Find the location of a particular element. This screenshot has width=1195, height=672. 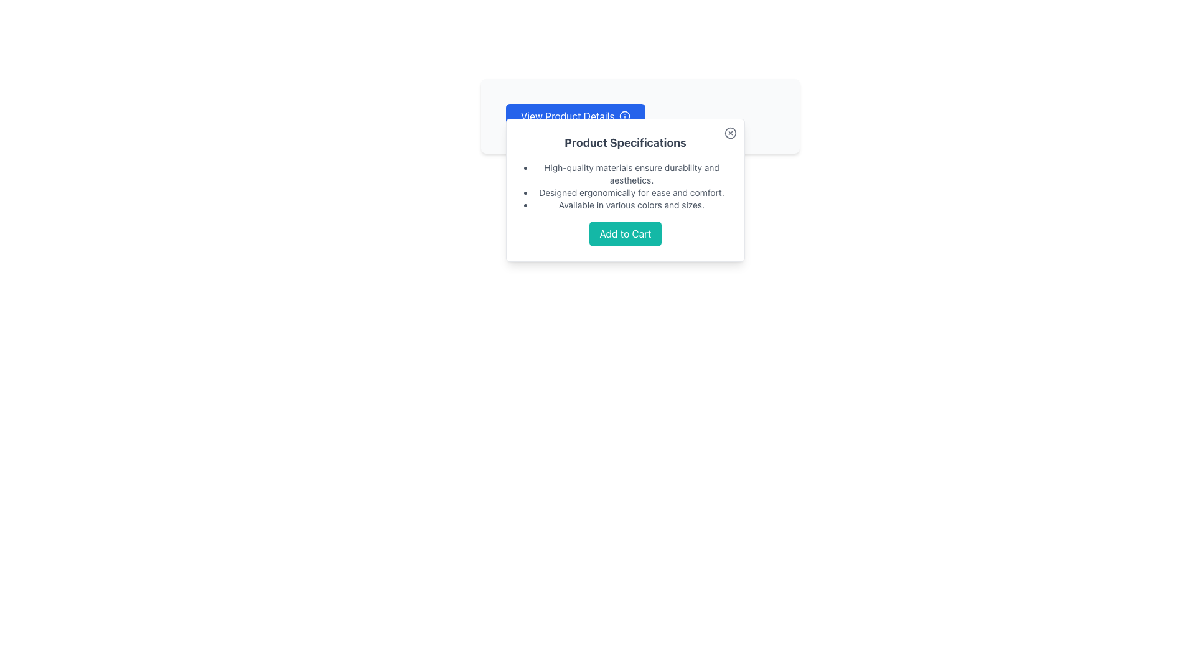

the circular close button (styled as an 'X') located at the top-right corner of the 'Product Specifications' modal is located at coordinates (731, 133).